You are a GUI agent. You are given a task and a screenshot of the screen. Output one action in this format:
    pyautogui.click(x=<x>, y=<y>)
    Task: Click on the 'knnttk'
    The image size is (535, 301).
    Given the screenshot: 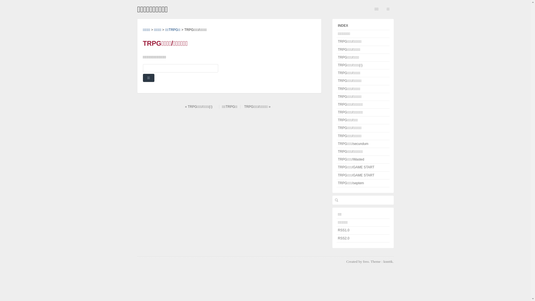 What is the action you would take?
    pyautogui.click(x=383, y=261)
    